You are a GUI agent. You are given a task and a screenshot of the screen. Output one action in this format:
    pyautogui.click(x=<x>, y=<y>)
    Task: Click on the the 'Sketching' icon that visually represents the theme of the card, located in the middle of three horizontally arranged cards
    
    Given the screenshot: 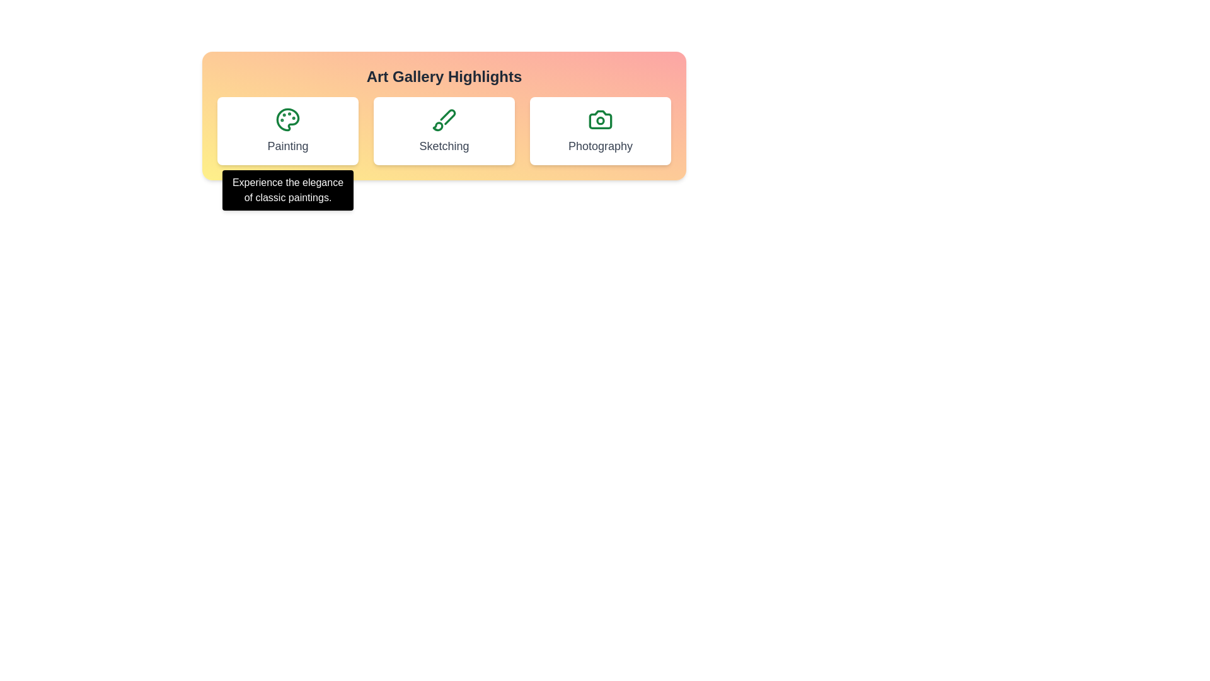 What is the action you would take?
    pyautogui.click(x=444, y=119)
    